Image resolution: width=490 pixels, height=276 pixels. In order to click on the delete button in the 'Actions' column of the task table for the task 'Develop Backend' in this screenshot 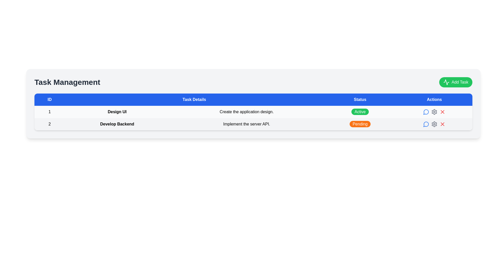, I will do `click(442, 124)`.